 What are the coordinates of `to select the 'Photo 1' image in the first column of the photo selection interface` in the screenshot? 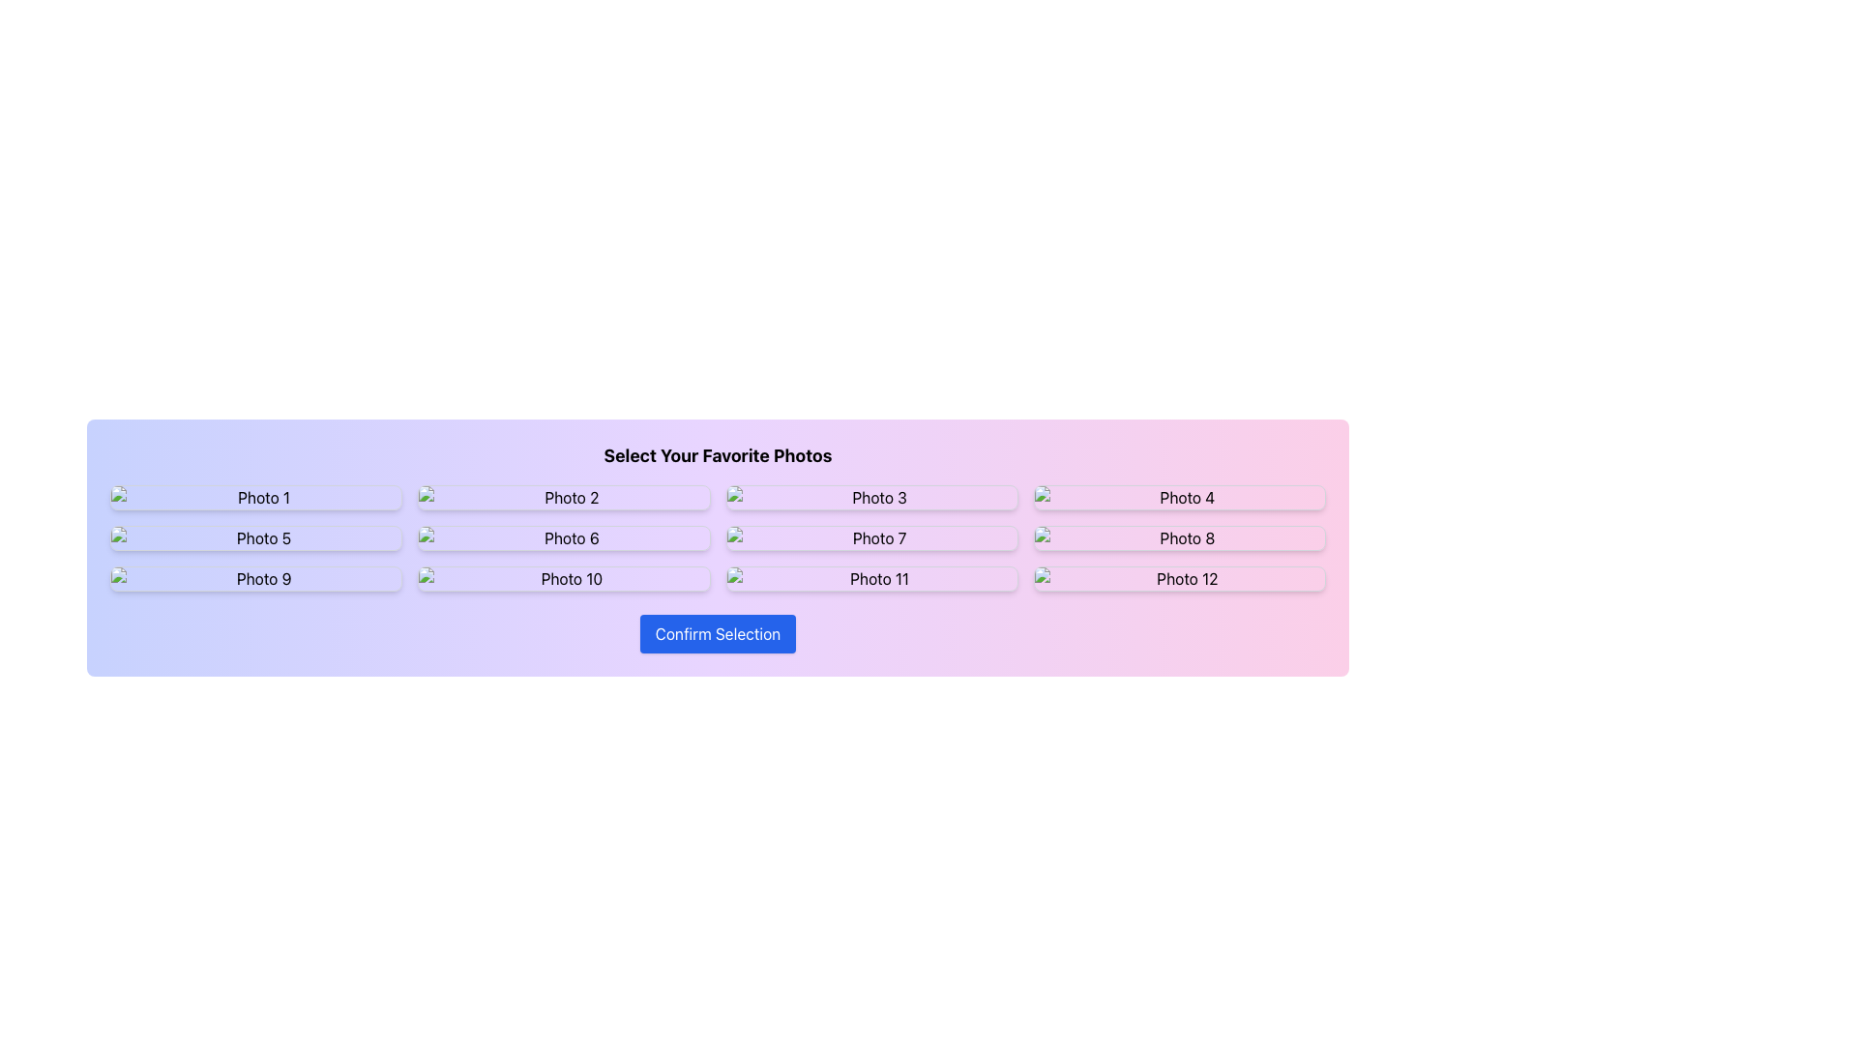 It's located at (255, 497).